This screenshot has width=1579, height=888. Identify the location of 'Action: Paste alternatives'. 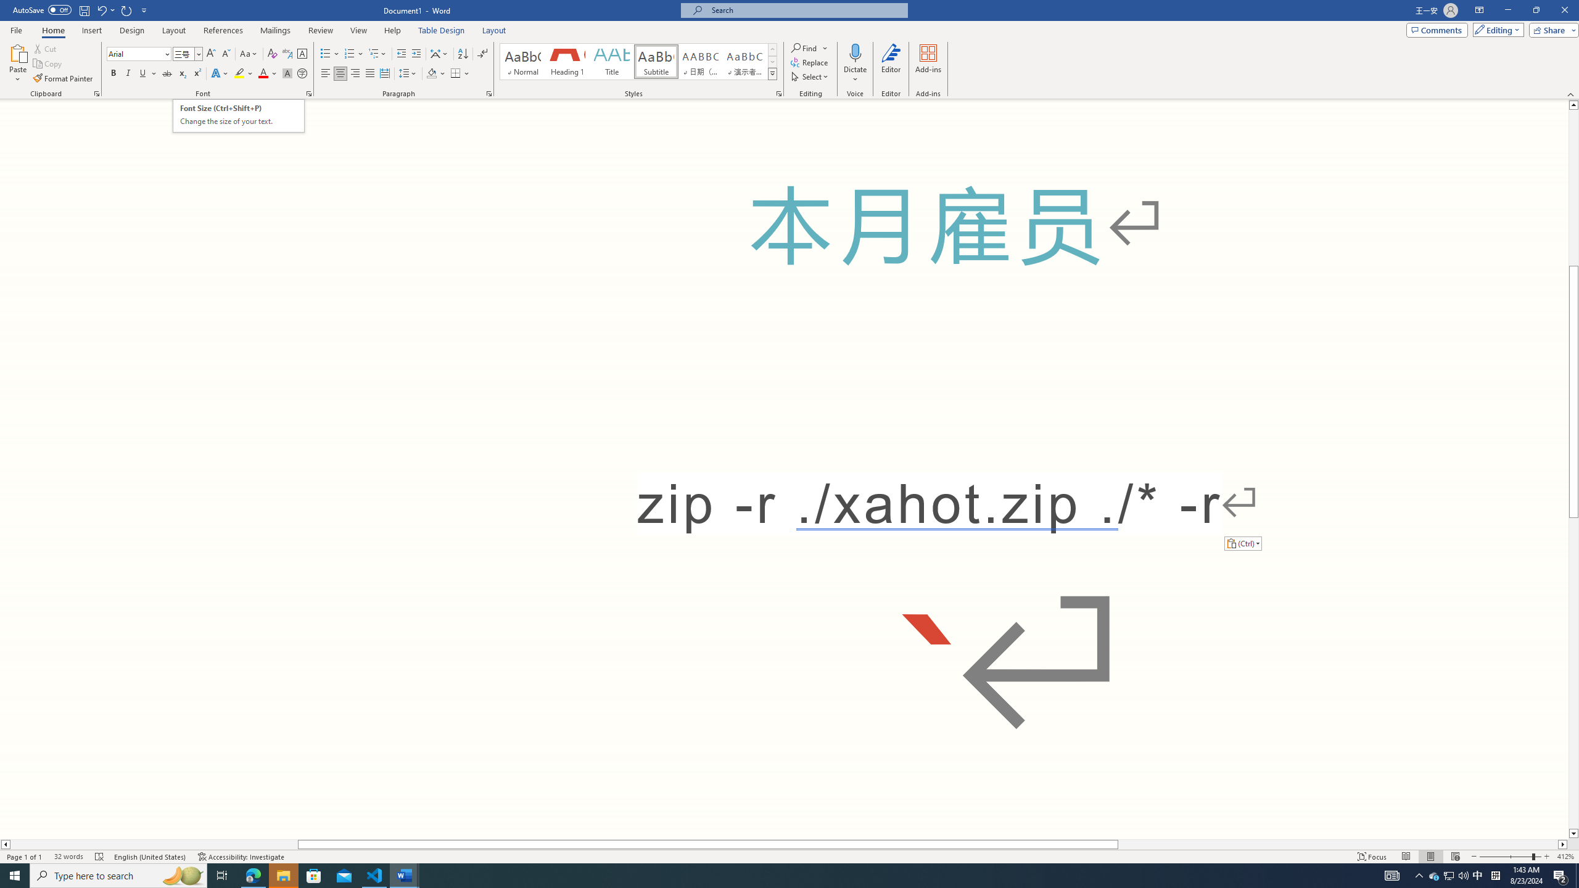
(1242, 543).